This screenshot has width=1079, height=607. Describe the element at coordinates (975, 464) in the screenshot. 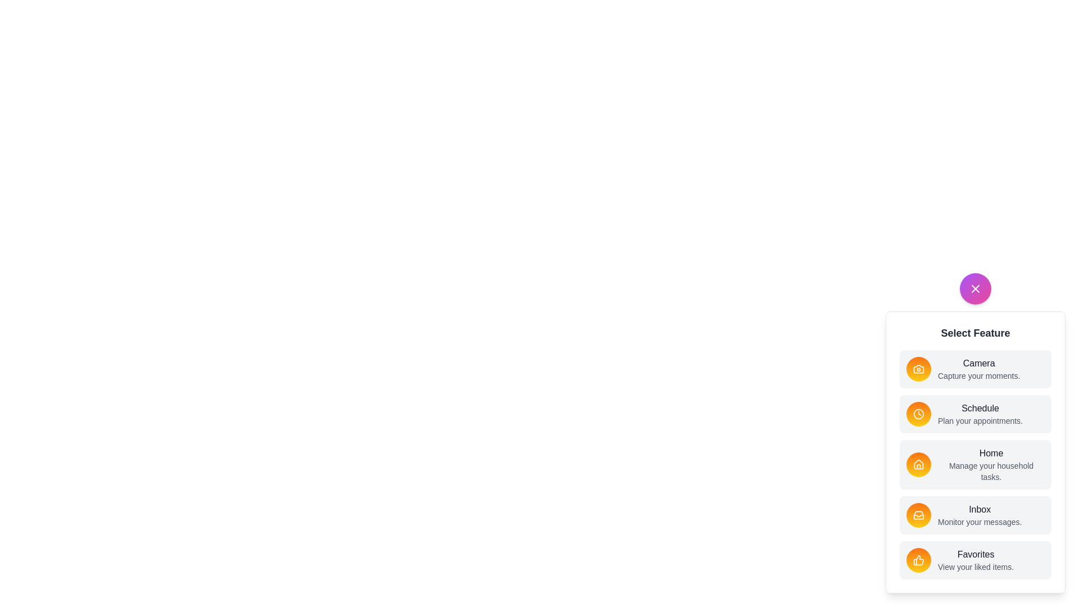

I see `the feature item labeled Home to select it` at that location.